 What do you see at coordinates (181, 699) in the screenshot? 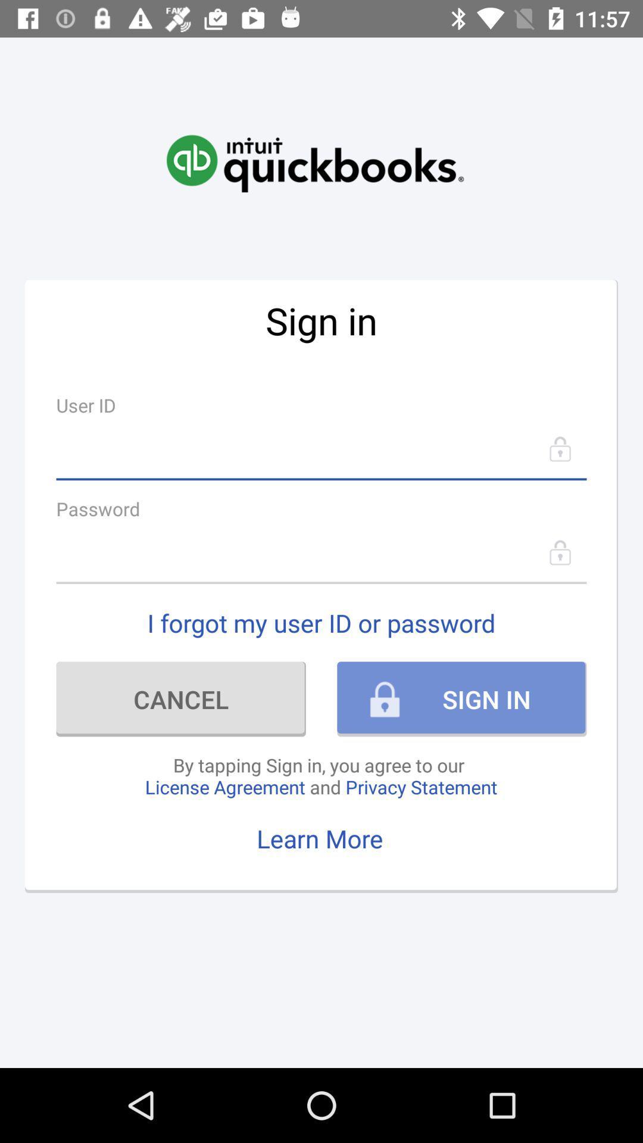
I see `icon below i forgot my item` at bounding box center [181, 699].